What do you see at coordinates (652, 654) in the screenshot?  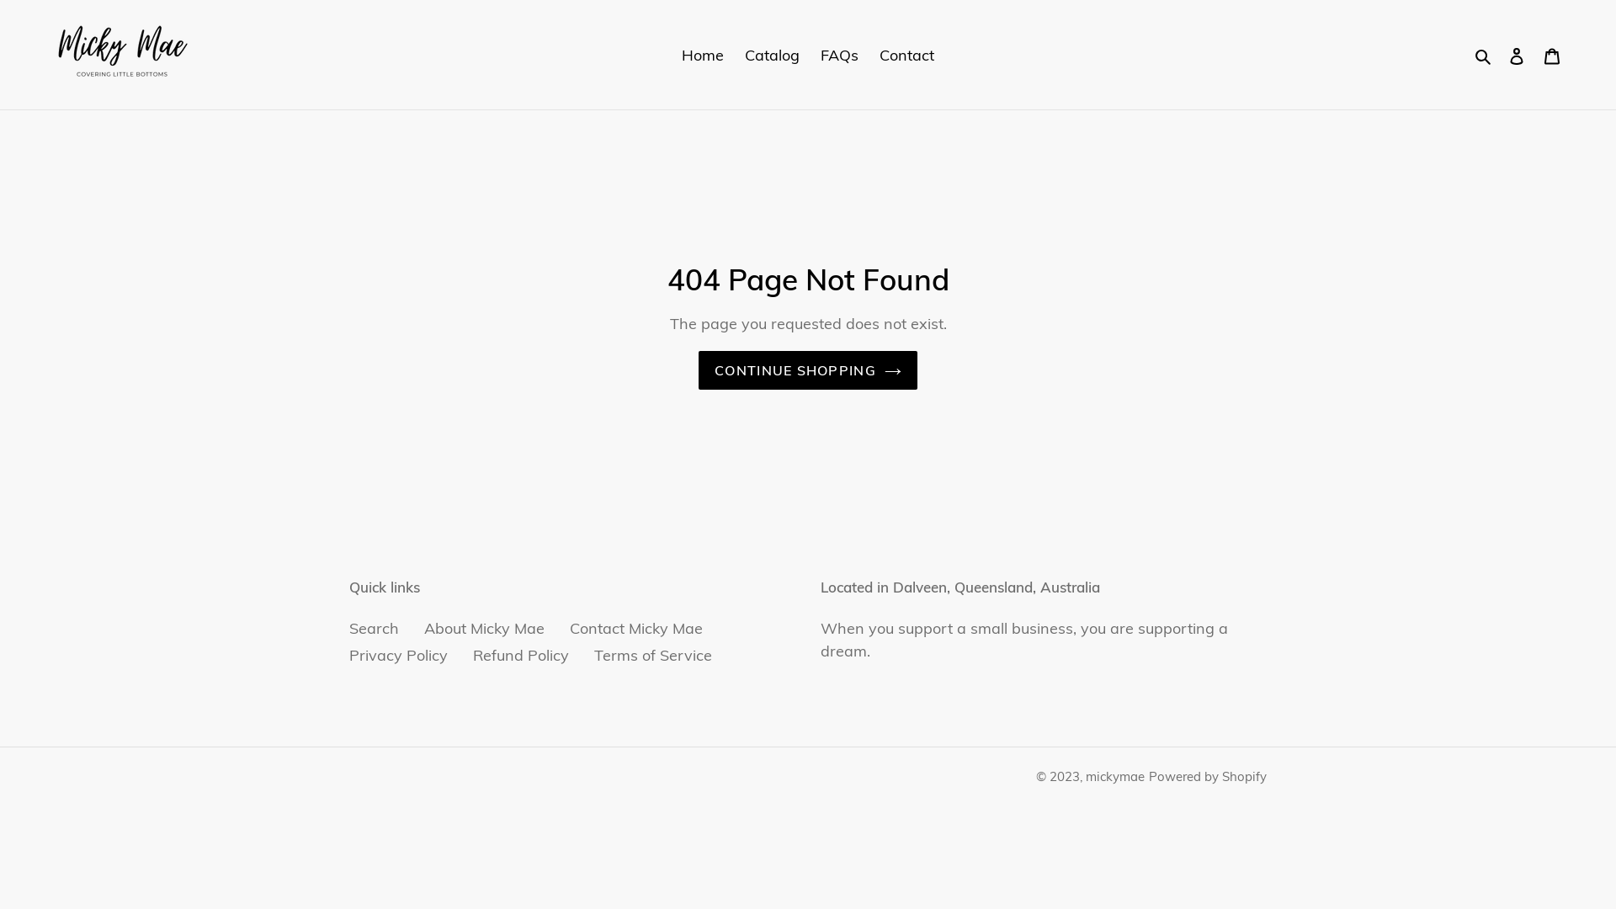 I see `'Terms of Service'` at bounding box center [652, 654].